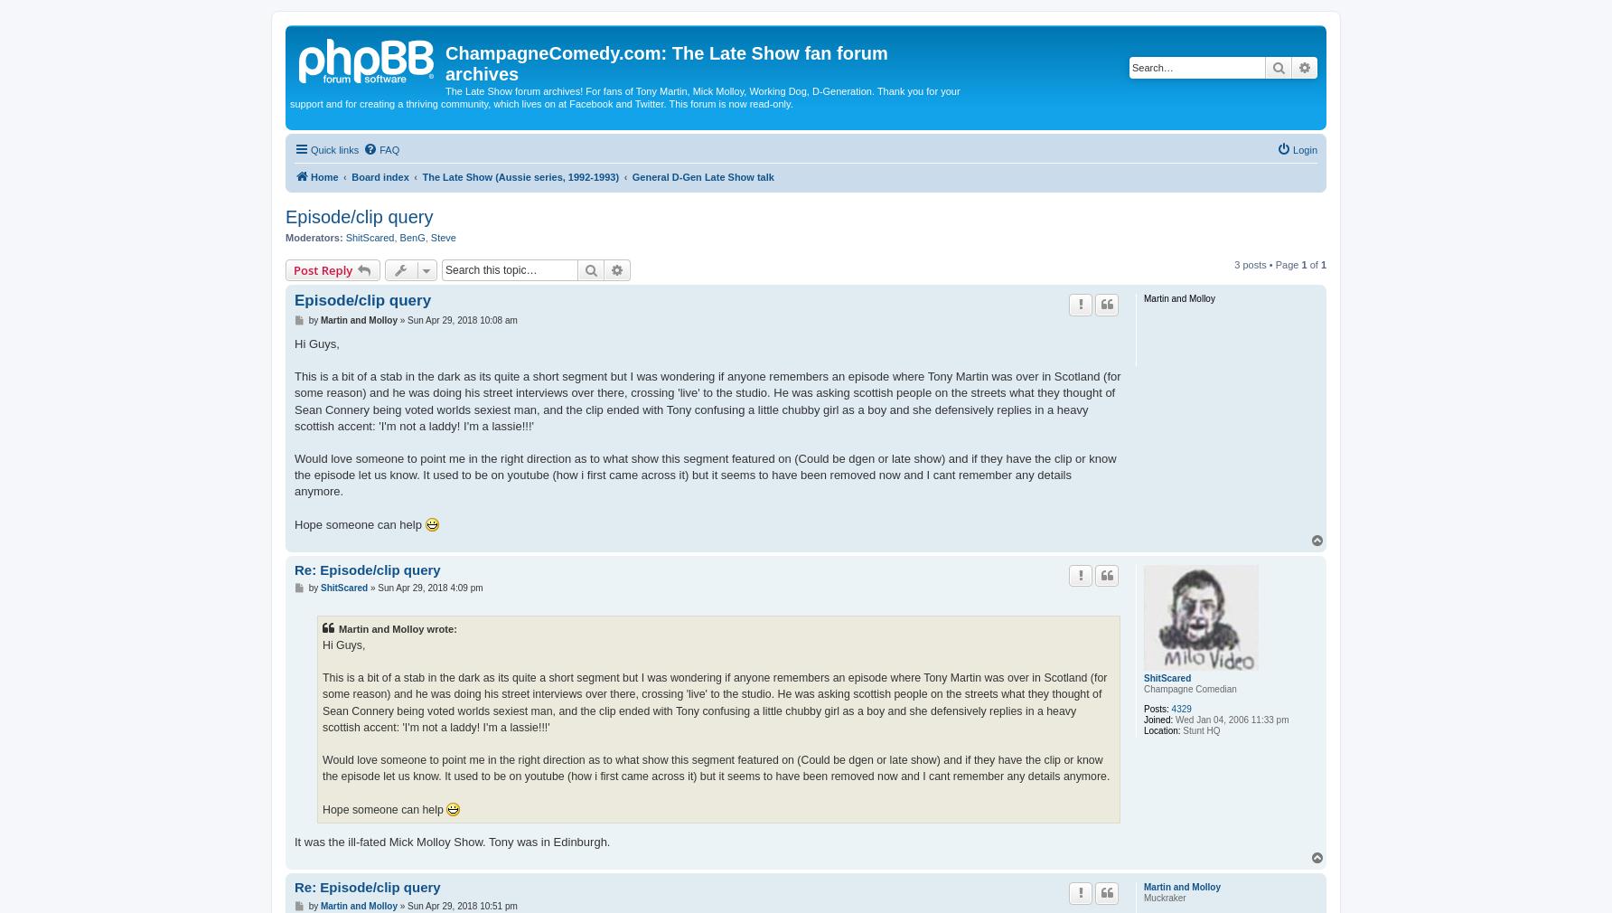  What do you see at coordinates (443, 238) in the screenshot?
I see `'Steve'` at bounding box center [443, 238].